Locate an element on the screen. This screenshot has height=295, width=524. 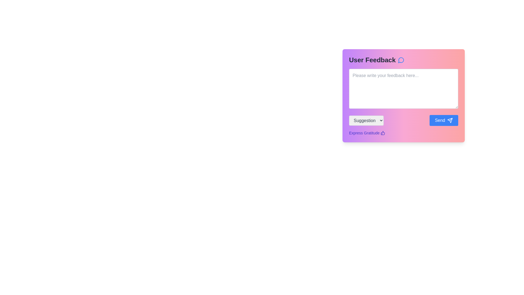
the small circular speech bubble icon with a blue outline, located next to the 'User Feedback' title in the feedback form interface is located at coordinates (401, 60).